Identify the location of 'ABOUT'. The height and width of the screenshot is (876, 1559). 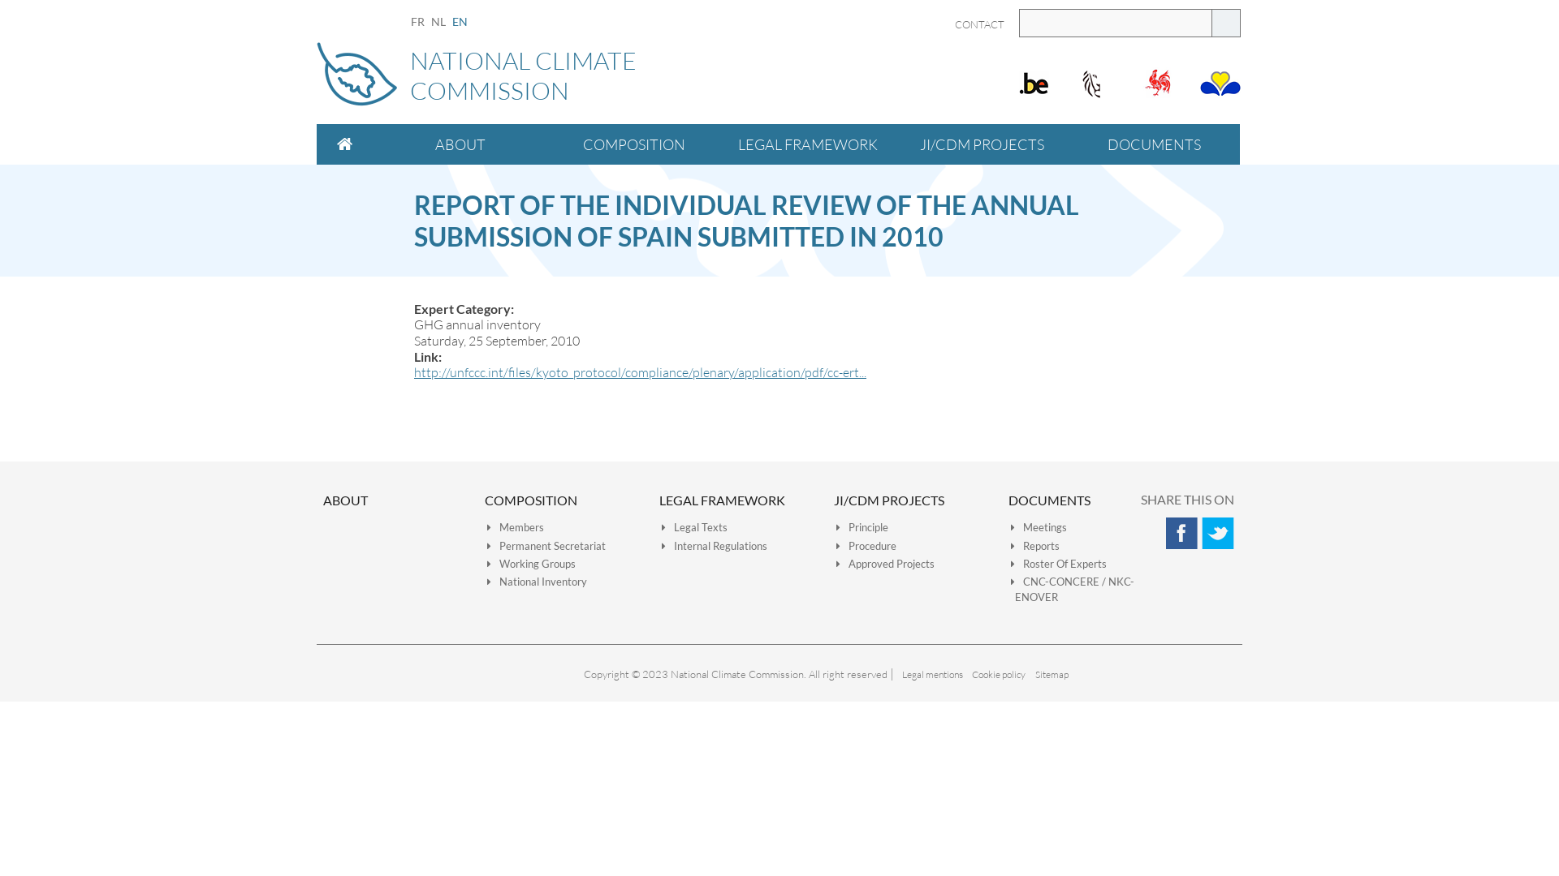
(323, 499).